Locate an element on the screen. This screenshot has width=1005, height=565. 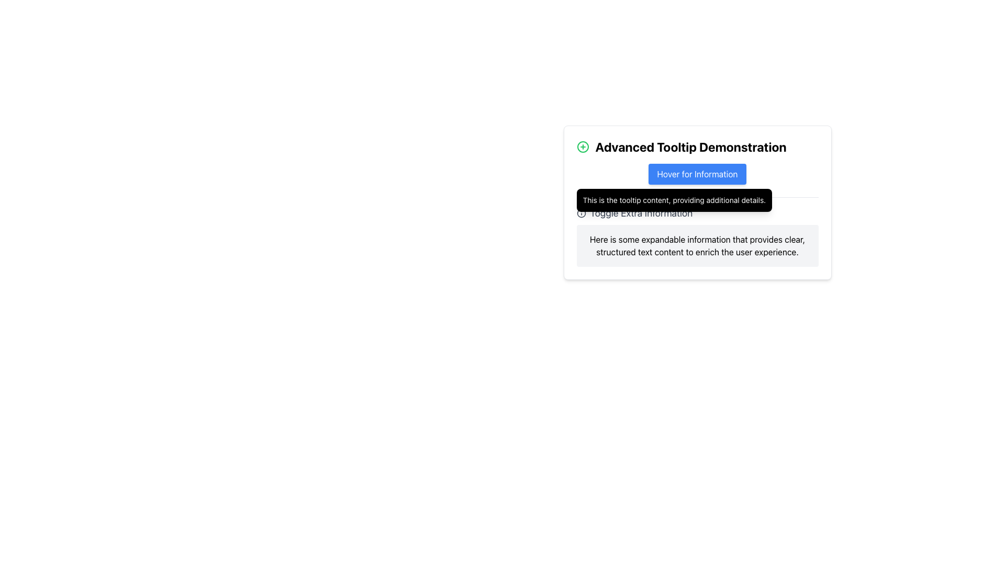
the tooltip located below the 'Hover for Information' blue button in the 'Advanced Tooltip Demonstration' section is located at coordinates (697, 202).